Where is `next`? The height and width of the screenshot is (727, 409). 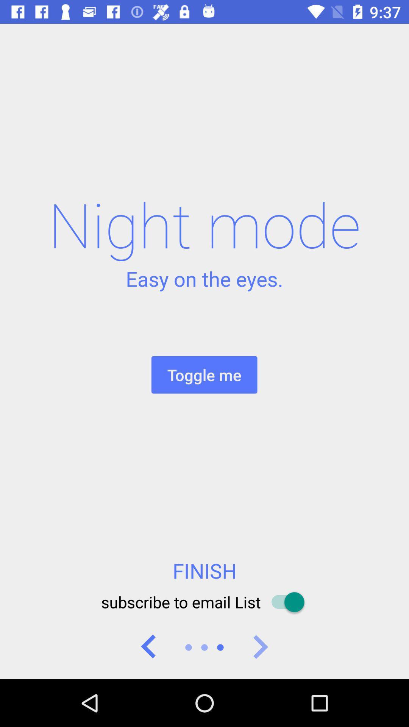 next is located at coordinates (259, 647).